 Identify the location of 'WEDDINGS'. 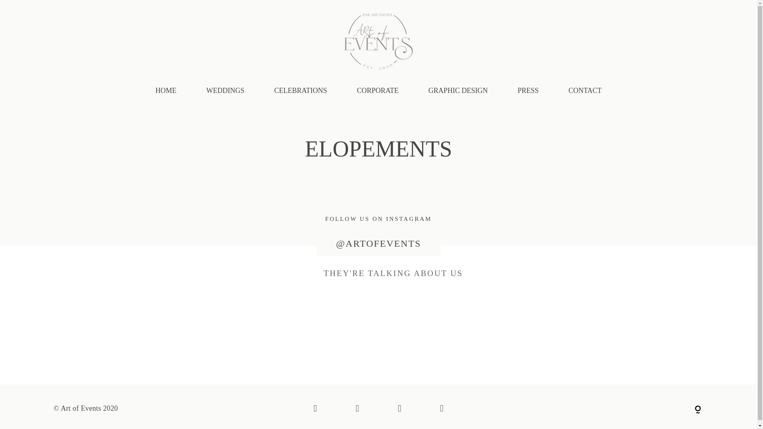
(206, 90).